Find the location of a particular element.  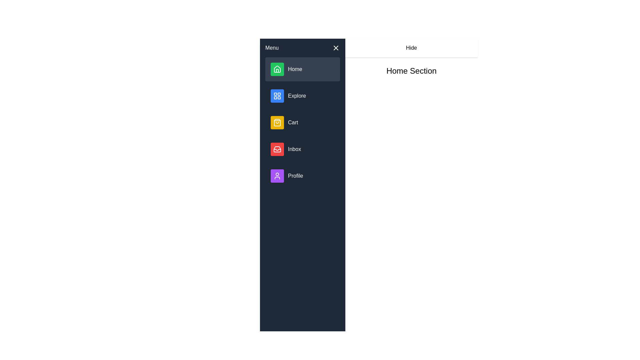

the 'Home' icon button located at the top of the left sidebar menu to interact with the 'Home' function is located at coordinates (277, 69).